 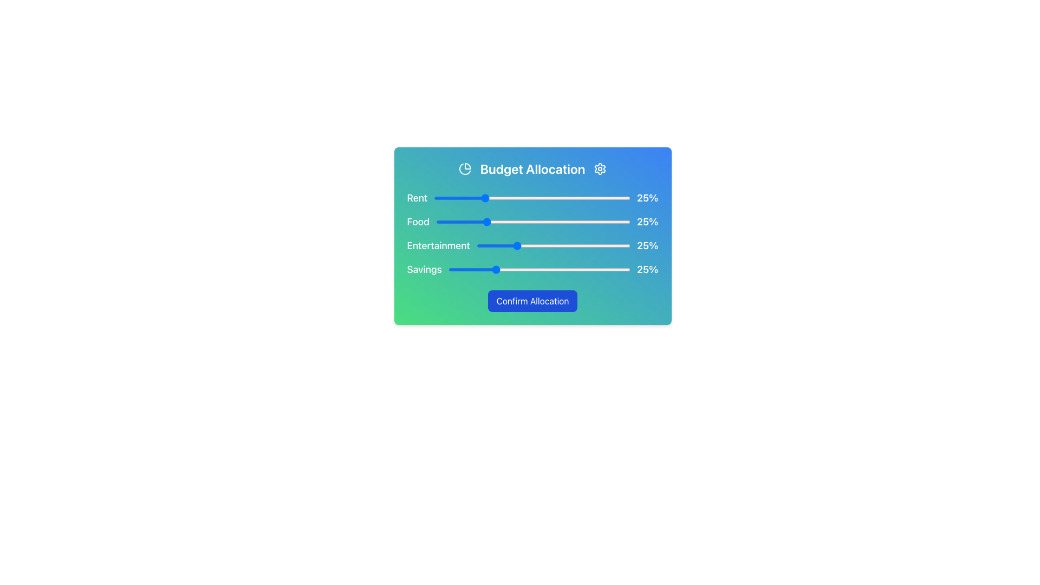 What do you see at coordinates (532, 198) in the screenshot?
I see `the interactive range slider control located between the 'Rent' label and '25%' value` at bounding box center [532, 198].